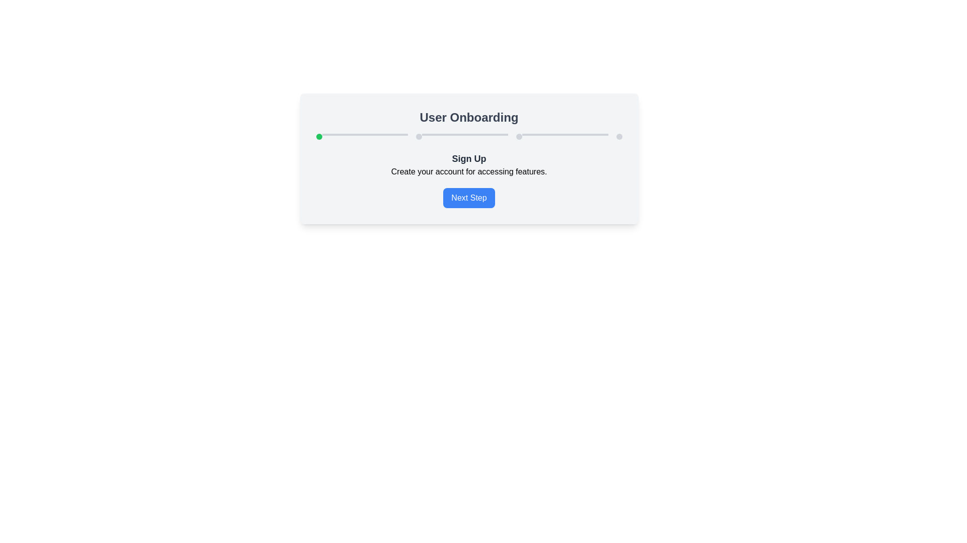 The width and height of the screenshot is (967, 543). Describe the element at coordinates (464, 134) in the screenshot. I see `the fourth segment of the progress bar, which is a thin light gray horizontal bar positioned between two small gray circles` at that location.